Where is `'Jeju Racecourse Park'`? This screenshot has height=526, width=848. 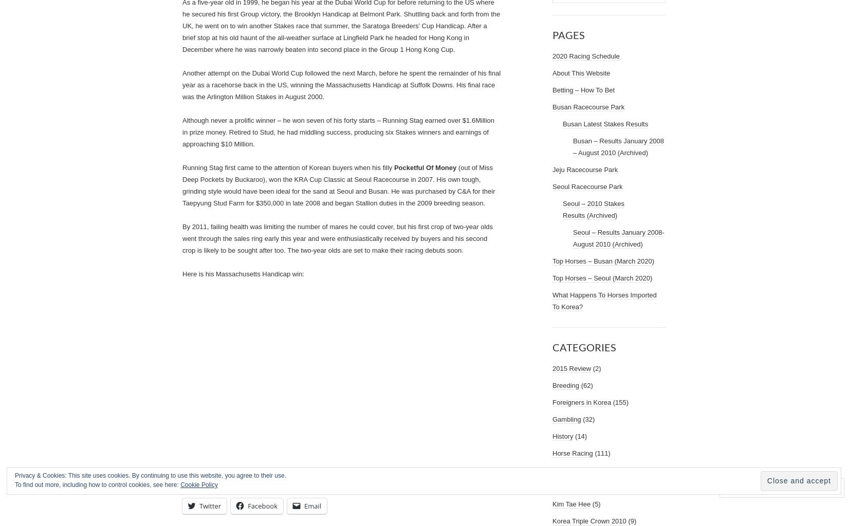 'Jeju Racecourse Park' is located at coordinates (585, 169).